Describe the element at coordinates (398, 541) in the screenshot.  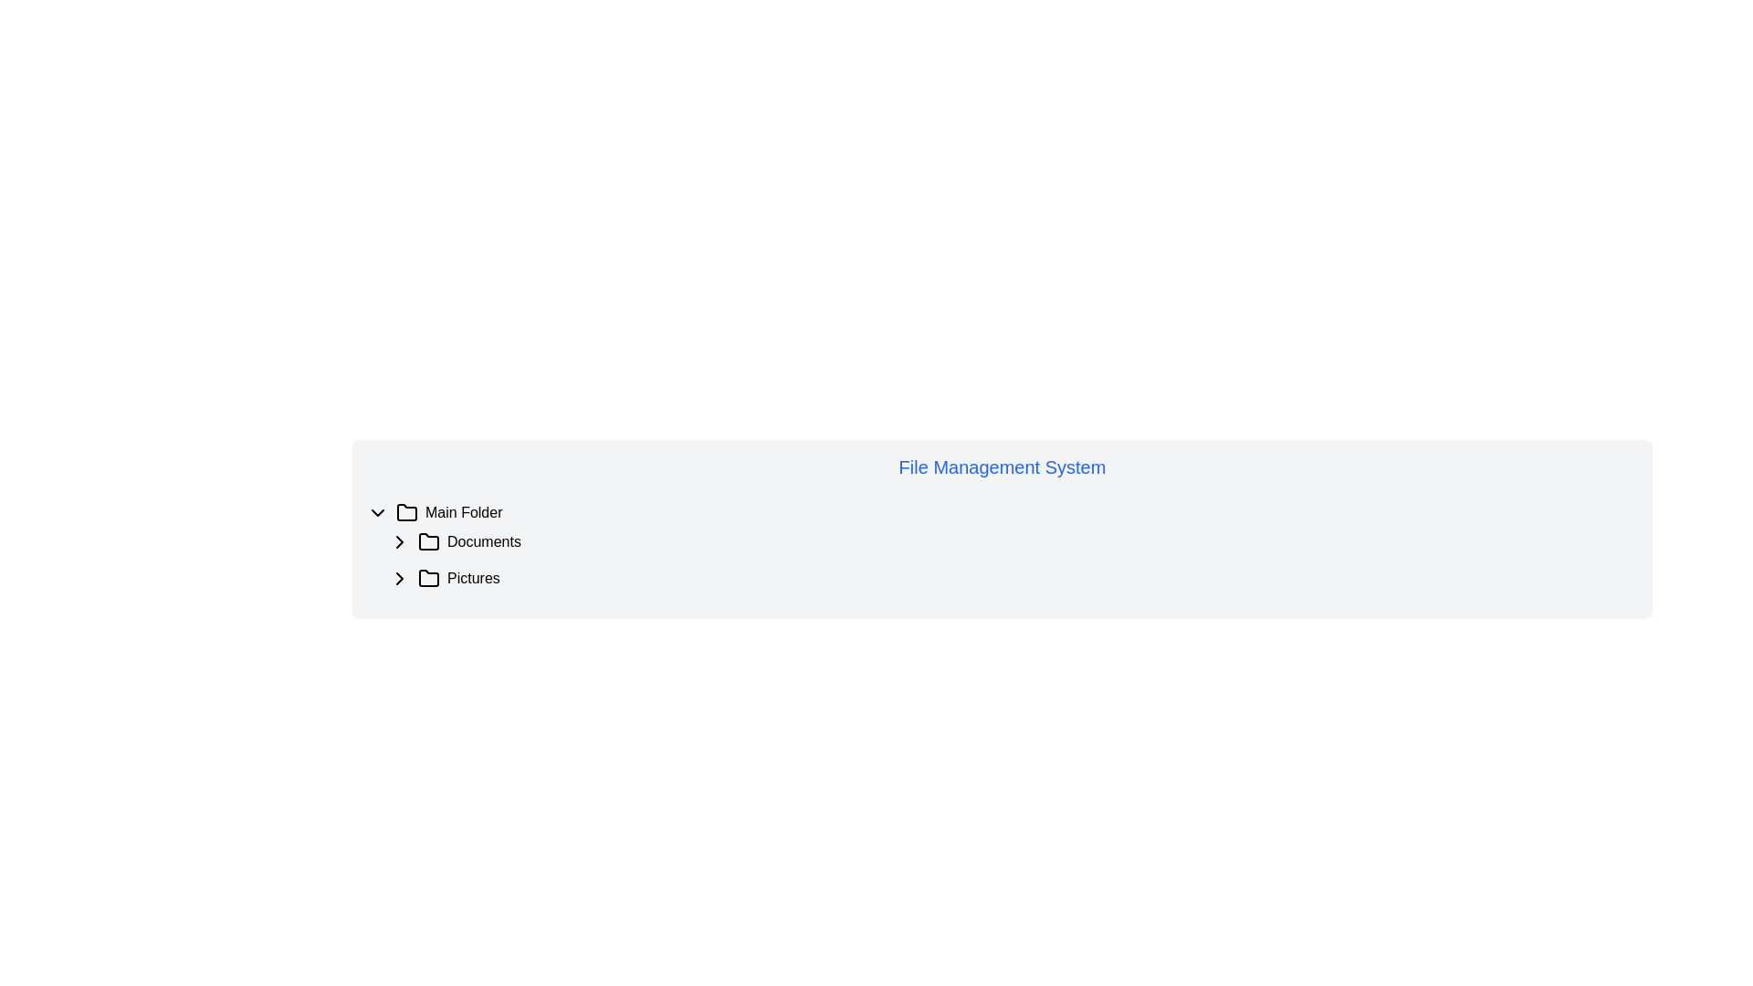
I see `the right-pointing arrow button, located adjacent to the label 'Documents'` at that location.